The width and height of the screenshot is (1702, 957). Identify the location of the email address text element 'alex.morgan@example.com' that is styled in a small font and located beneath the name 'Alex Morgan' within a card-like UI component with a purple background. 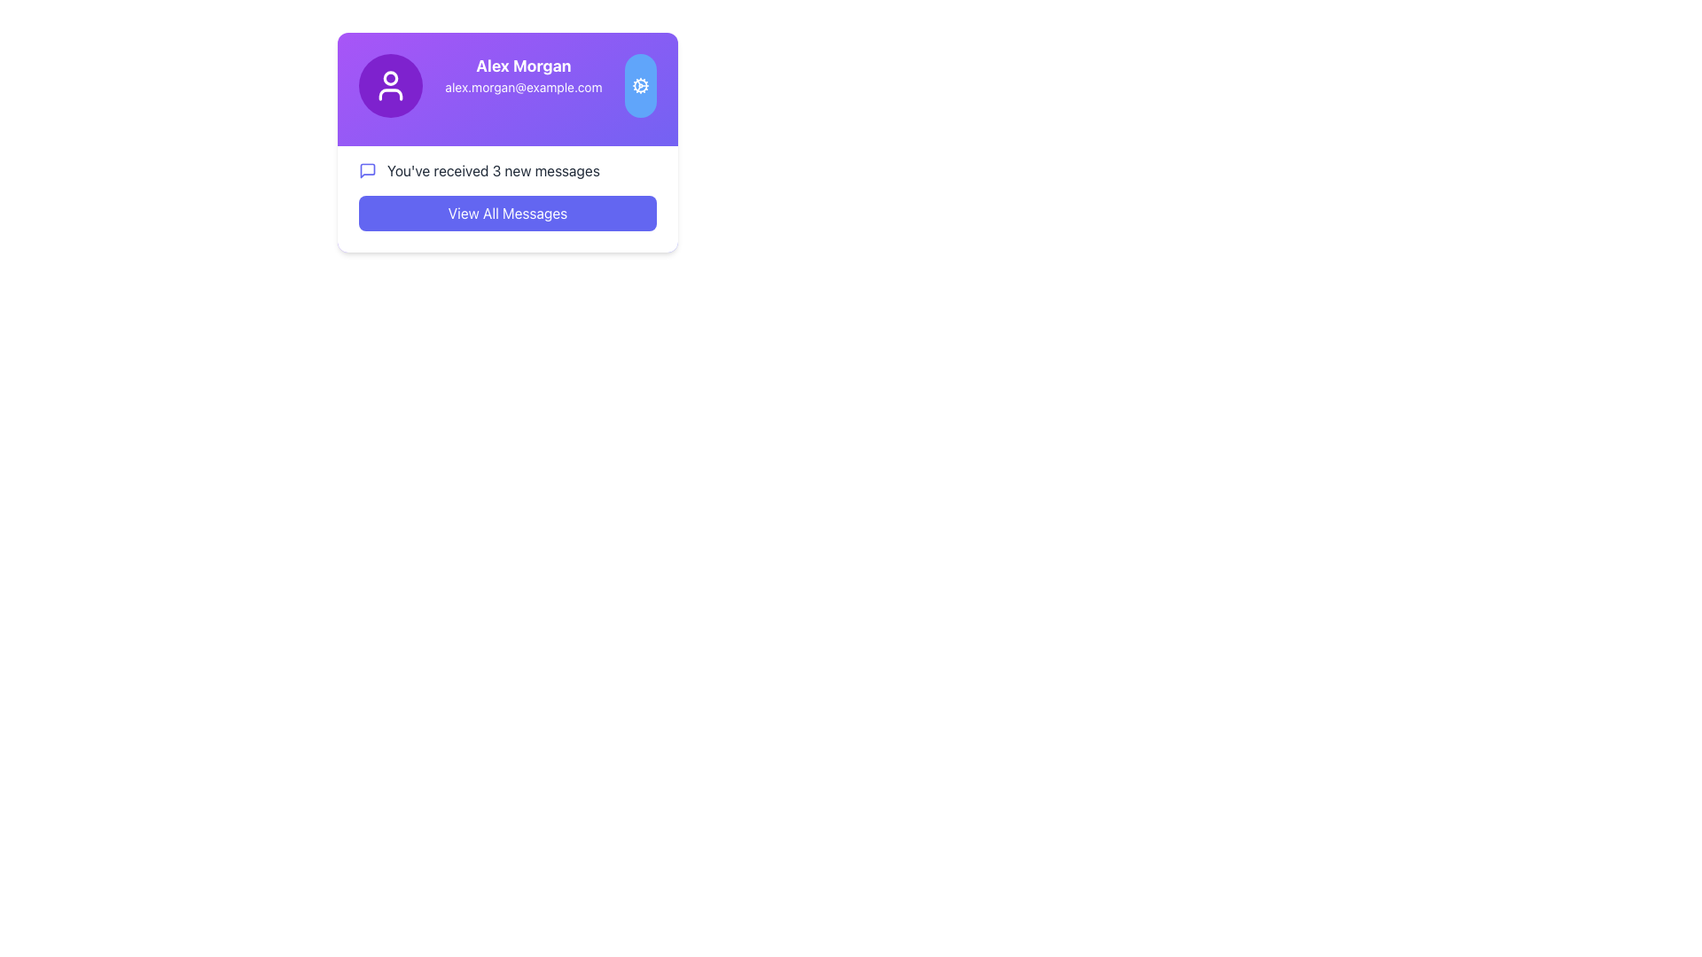
(522, 88).